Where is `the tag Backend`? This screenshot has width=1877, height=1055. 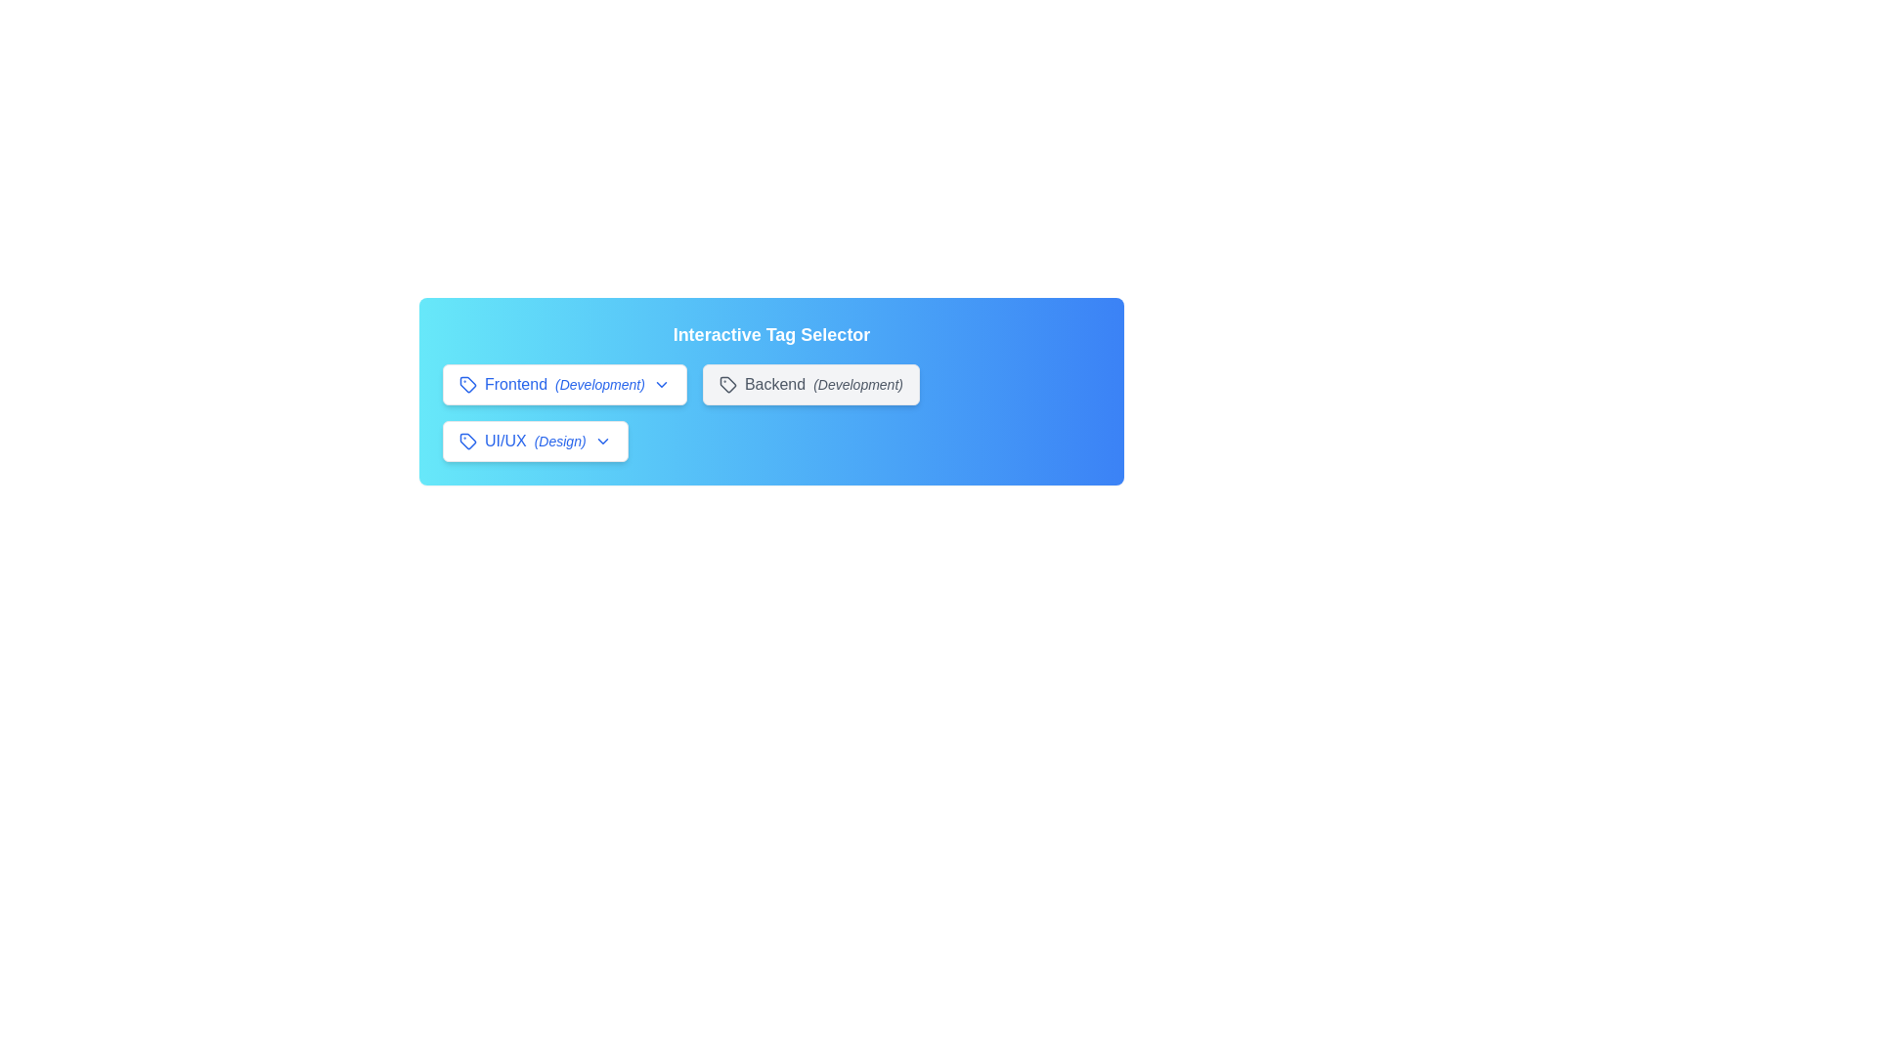
the tag Backend is located at coordinates (810, 384).